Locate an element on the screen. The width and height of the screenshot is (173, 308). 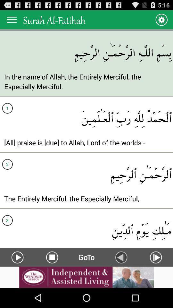
the menu option is located at coordinates (12, 20).